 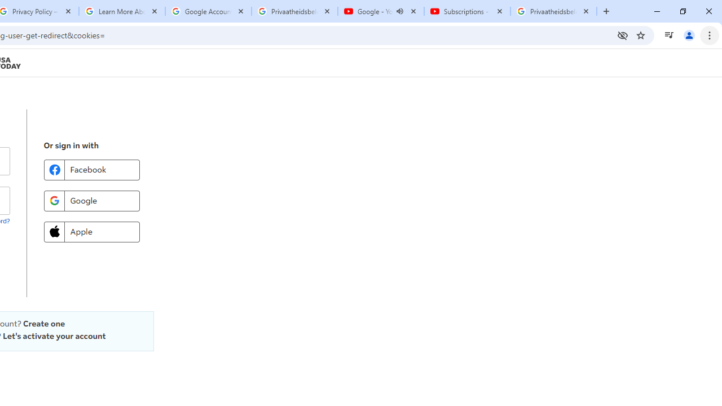 I want to click on 'Facebook', so click(x=91, y=169).